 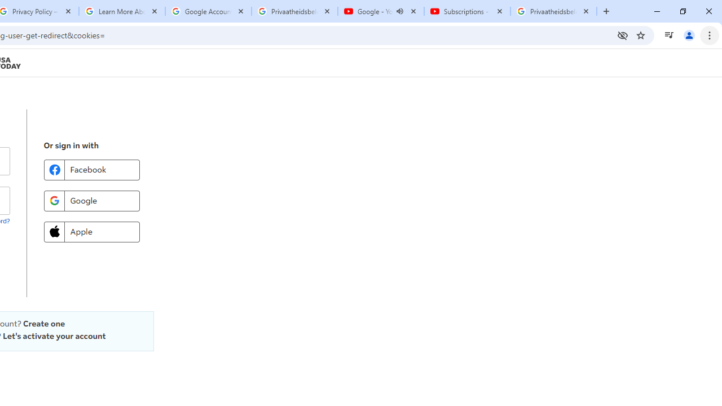 I want to click on 'Facebook', so click(x=91, y=169).